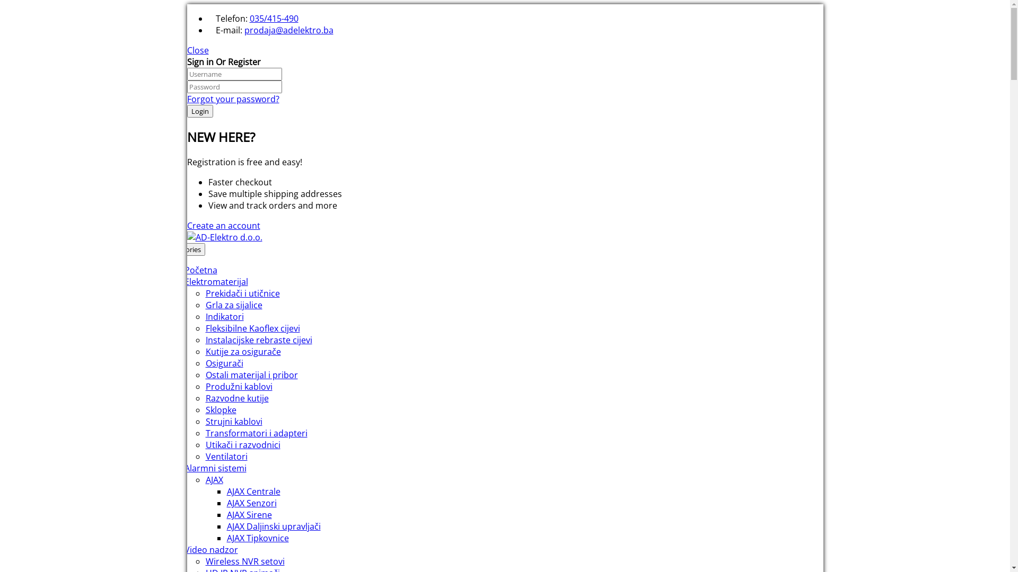 The width and height of the screenshot is (1018, 572). I want to click on 'Wireless NVR setovi', so click(244, 561).